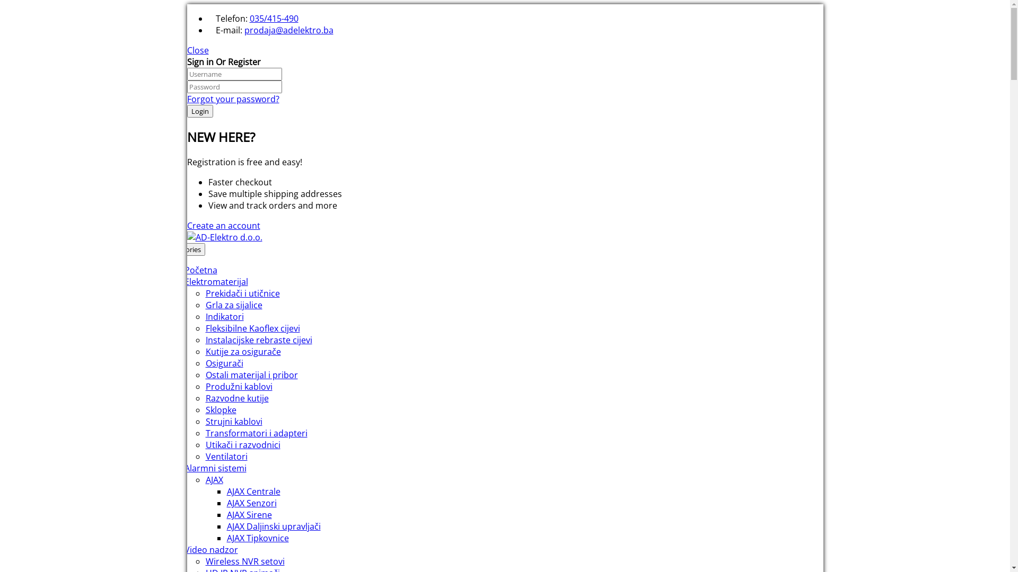 The width and height of the screenshot is (1018, 572). I want to click on 'Wireless NVR setovi', so click(244, 561).